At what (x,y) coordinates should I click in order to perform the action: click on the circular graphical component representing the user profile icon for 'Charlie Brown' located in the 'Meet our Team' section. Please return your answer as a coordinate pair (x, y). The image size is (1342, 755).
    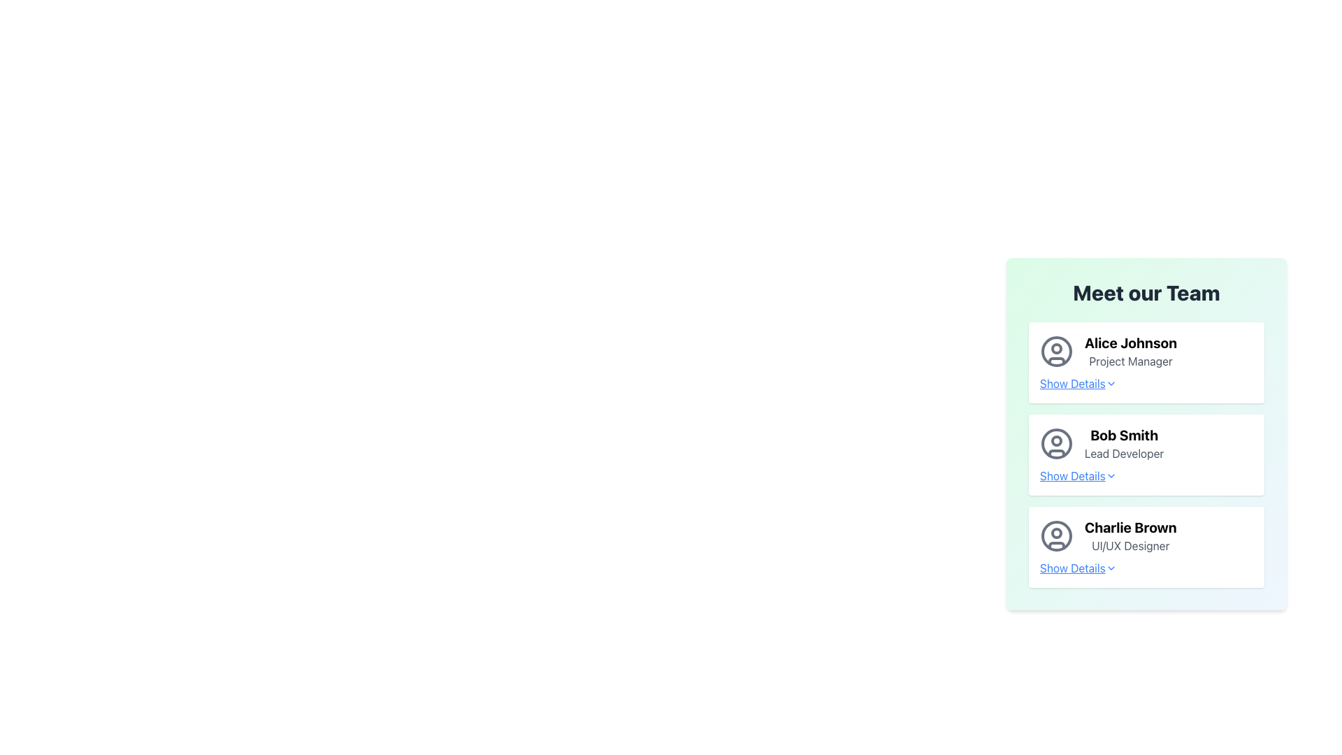
    Looking at the image, I should click on (1057, 533).